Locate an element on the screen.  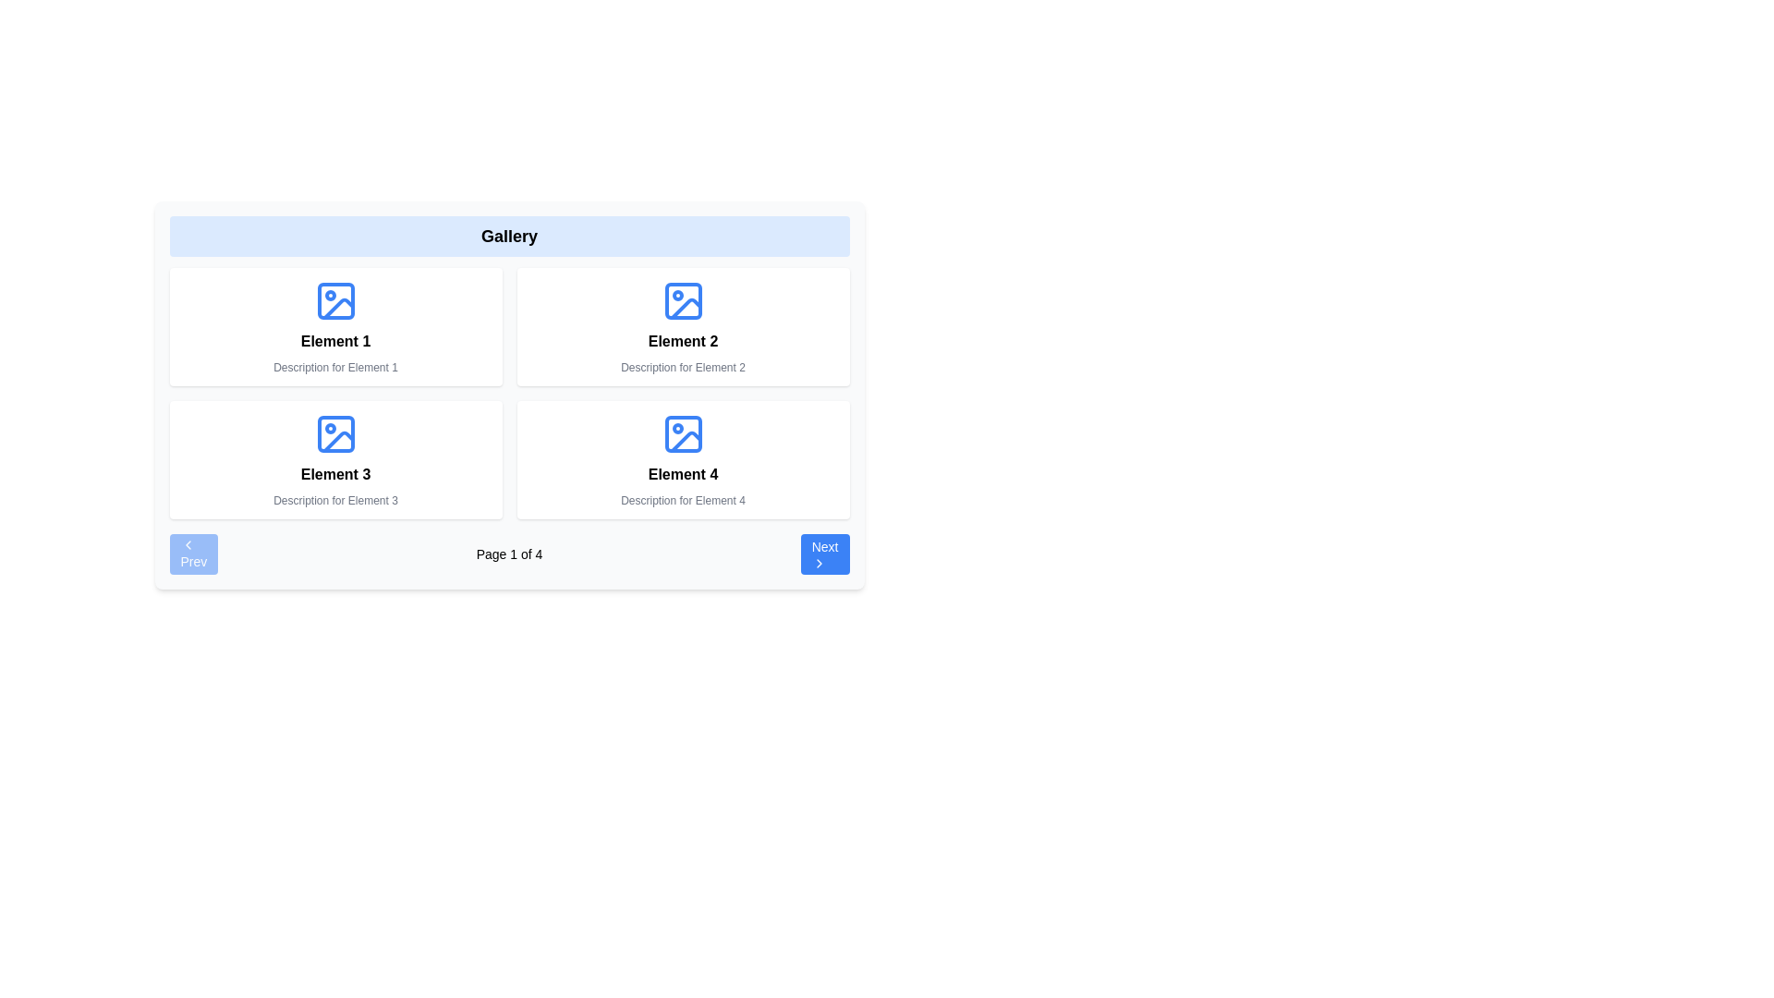
the page indicator text label that displays 'Page 1 of 4', located centrally in the bottom navigation section, between the 'Prev' and 'Next' buttons is located at coordinates (509, 554).